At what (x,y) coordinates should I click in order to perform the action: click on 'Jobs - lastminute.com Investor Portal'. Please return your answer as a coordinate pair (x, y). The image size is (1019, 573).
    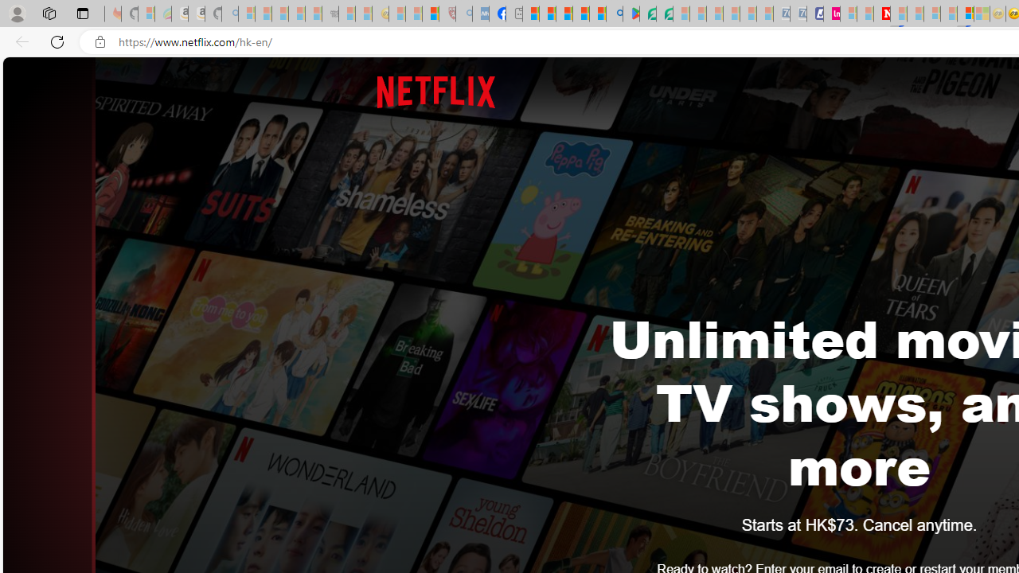
    Looking at the image, I should click on (831, 14).